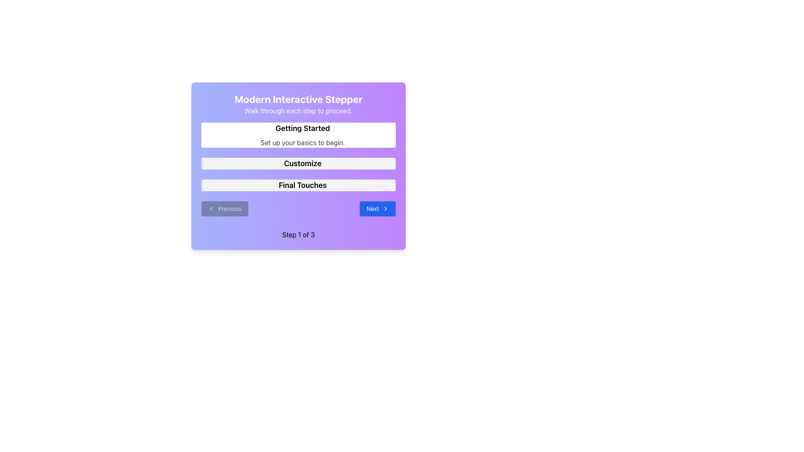 The image size is (804, 452). Describe the element at coordinates (299, 98) in the screenshot. I see `the label displaying 'Modern Interactive Stepper' in bold and large white font, which is positioned at the top of the card interface` at that location.